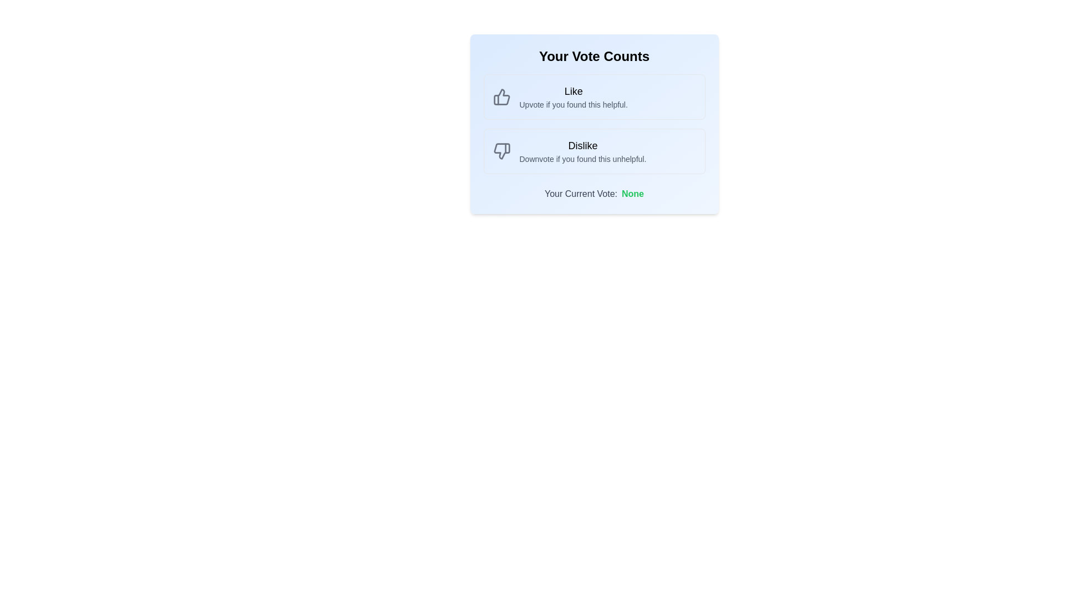 This screenshot has width=1065, height=599. Describe the element at coordinates (574, 105) in the screenshot. I see `the text label stating 'Upvote if you found this helpful,' which is styled in gray and positioned below the 'Like' heading` at that location.